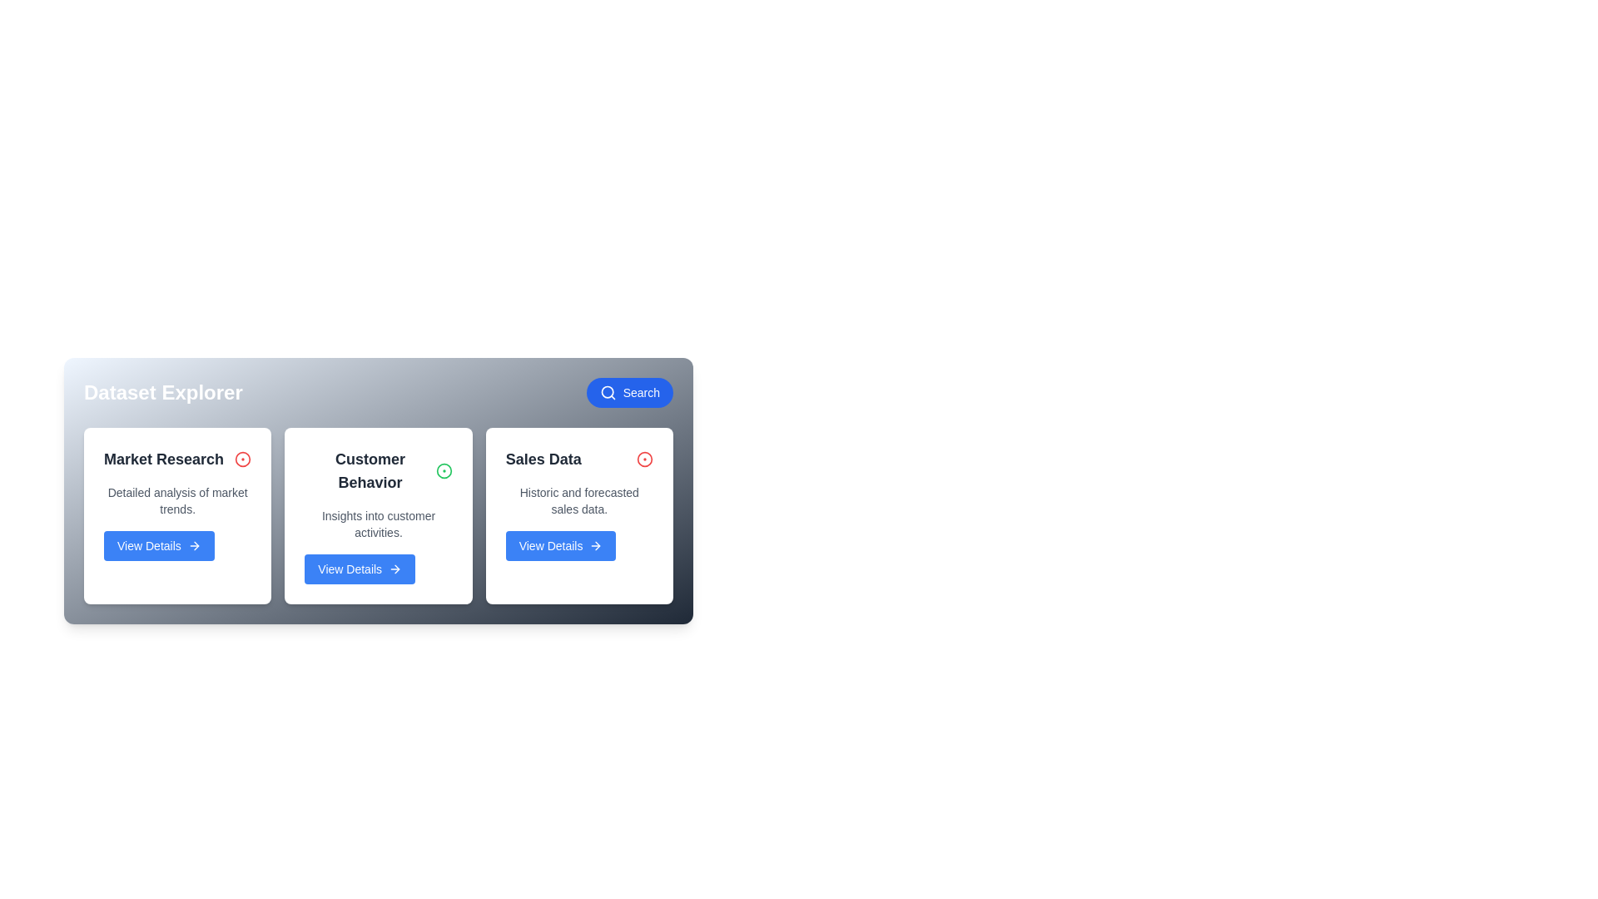 This screenshot has width=1598, height=899. What do you see at coordinates (444, 471) in the screenshot?
I see `the dataset identified by Customer Behavior` at bounding box center [444, 471].